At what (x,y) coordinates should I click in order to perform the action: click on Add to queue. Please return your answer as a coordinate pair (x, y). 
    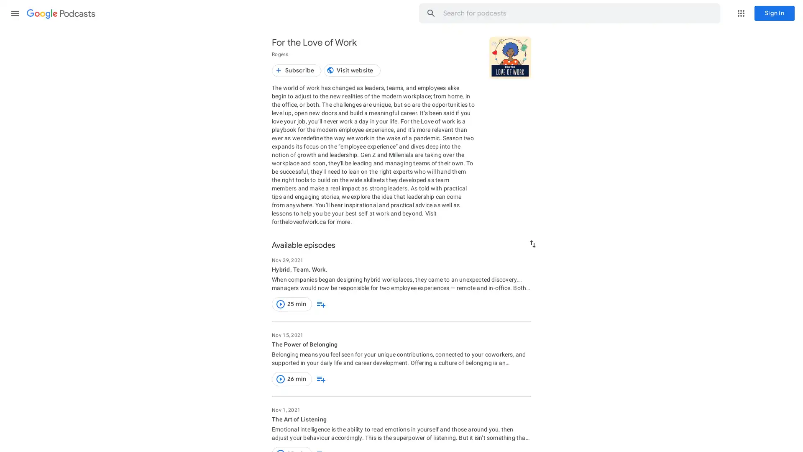
    Looking at the image, I should click on (320, 304).